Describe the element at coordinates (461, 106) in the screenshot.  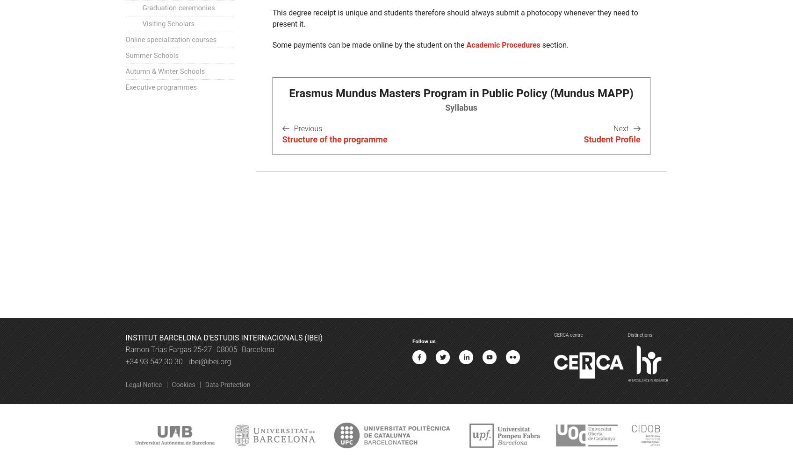
I see `'Syllabus'` at that location.